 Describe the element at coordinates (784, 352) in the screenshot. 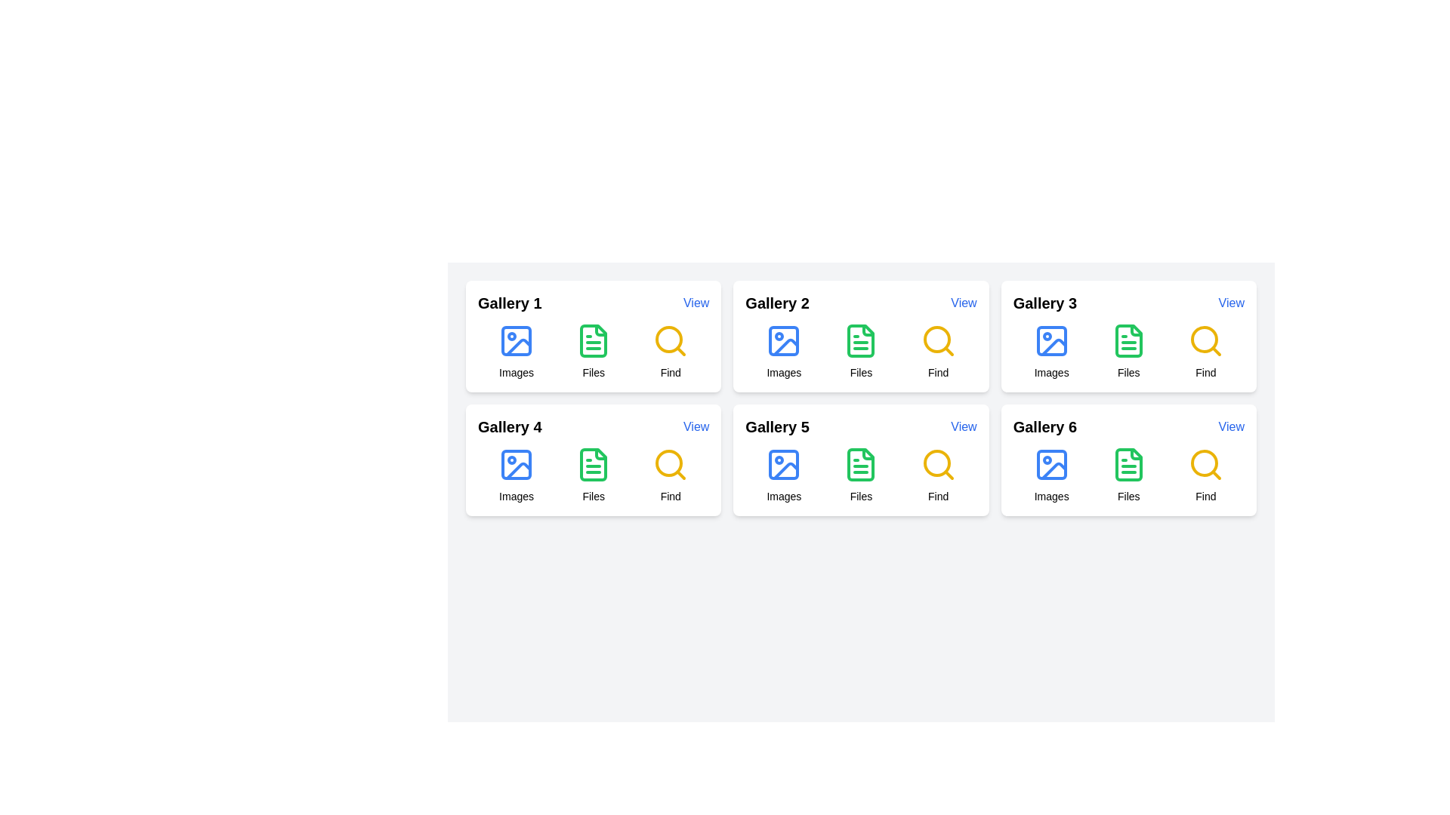

I see `the 'Images' button which features a picture icon with a blue outline and the label 'Images' below it, located in the second gallery's section as the first option on the left` at that location.